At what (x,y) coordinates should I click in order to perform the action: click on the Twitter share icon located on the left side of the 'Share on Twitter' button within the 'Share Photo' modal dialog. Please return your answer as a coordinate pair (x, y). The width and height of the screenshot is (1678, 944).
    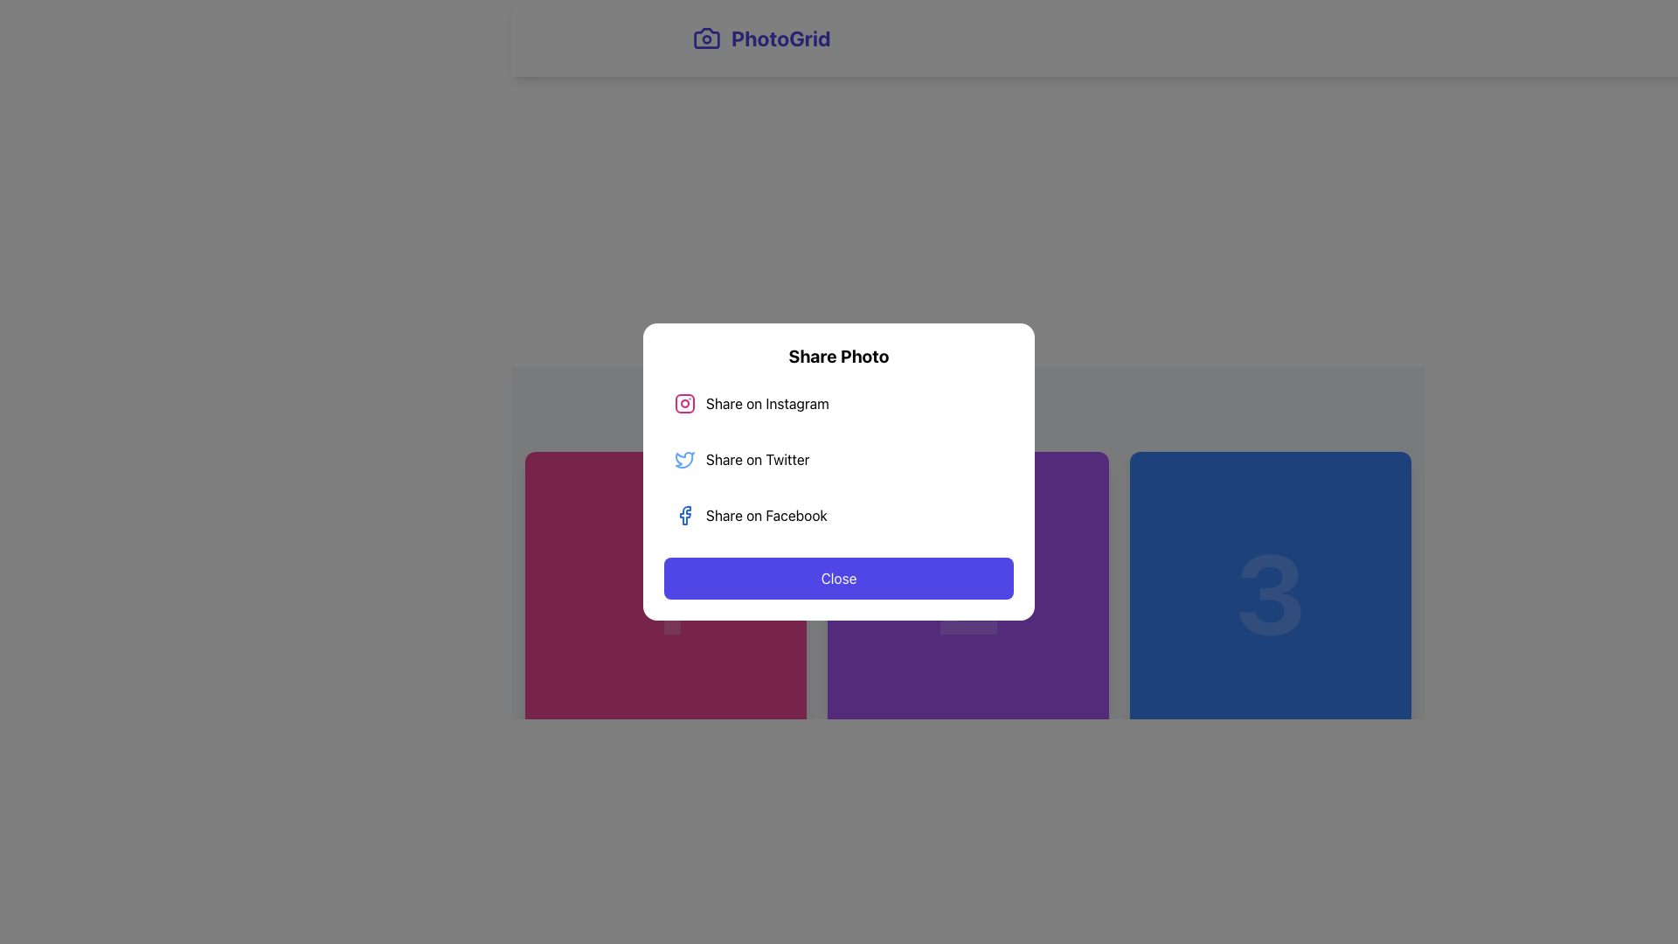
    Looking at the image, I should click on (683, 458).